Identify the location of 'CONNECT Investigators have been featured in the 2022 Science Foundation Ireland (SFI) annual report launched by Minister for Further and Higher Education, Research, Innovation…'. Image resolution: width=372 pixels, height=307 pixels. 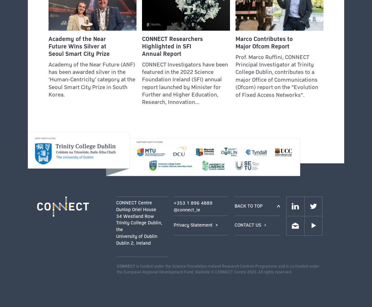
(184, 83).